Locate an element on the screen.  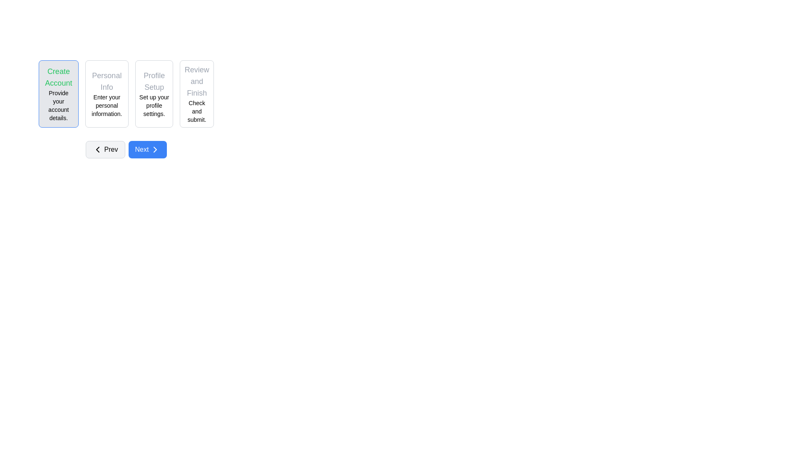
the text label that displays 'Check and submit.' located beneath 'Review and Finish' in the rightmost section of the panel is located at coordinates (196, 111).